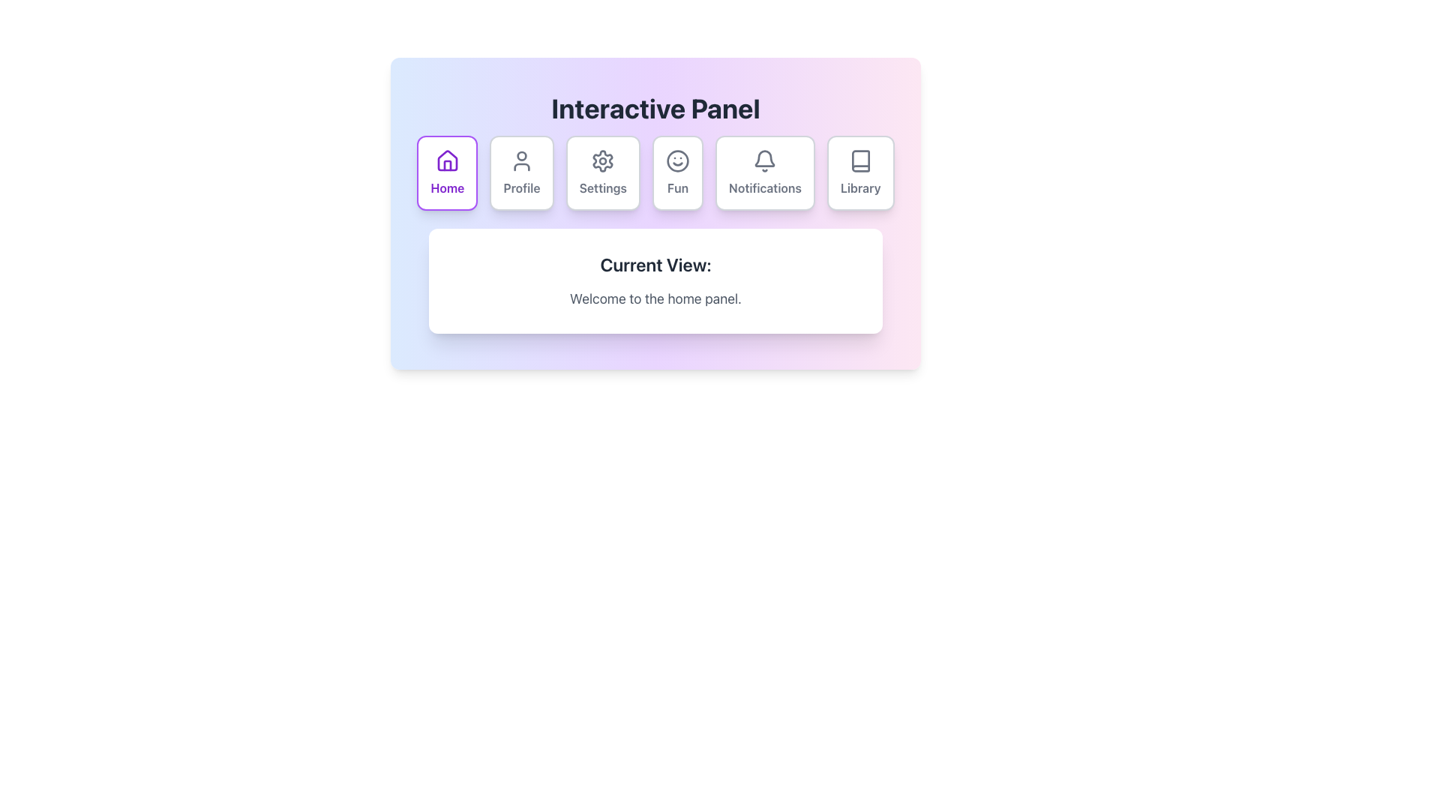 The height and width of the screenshot is (810, 1440). What do you see at coordinates (603, 161) in the screenshot?
I see `the gear-shaped icon representing settings, located within the 'Settings' button in the top bar of the interactive panel interface` at bounding box center [603, 161].